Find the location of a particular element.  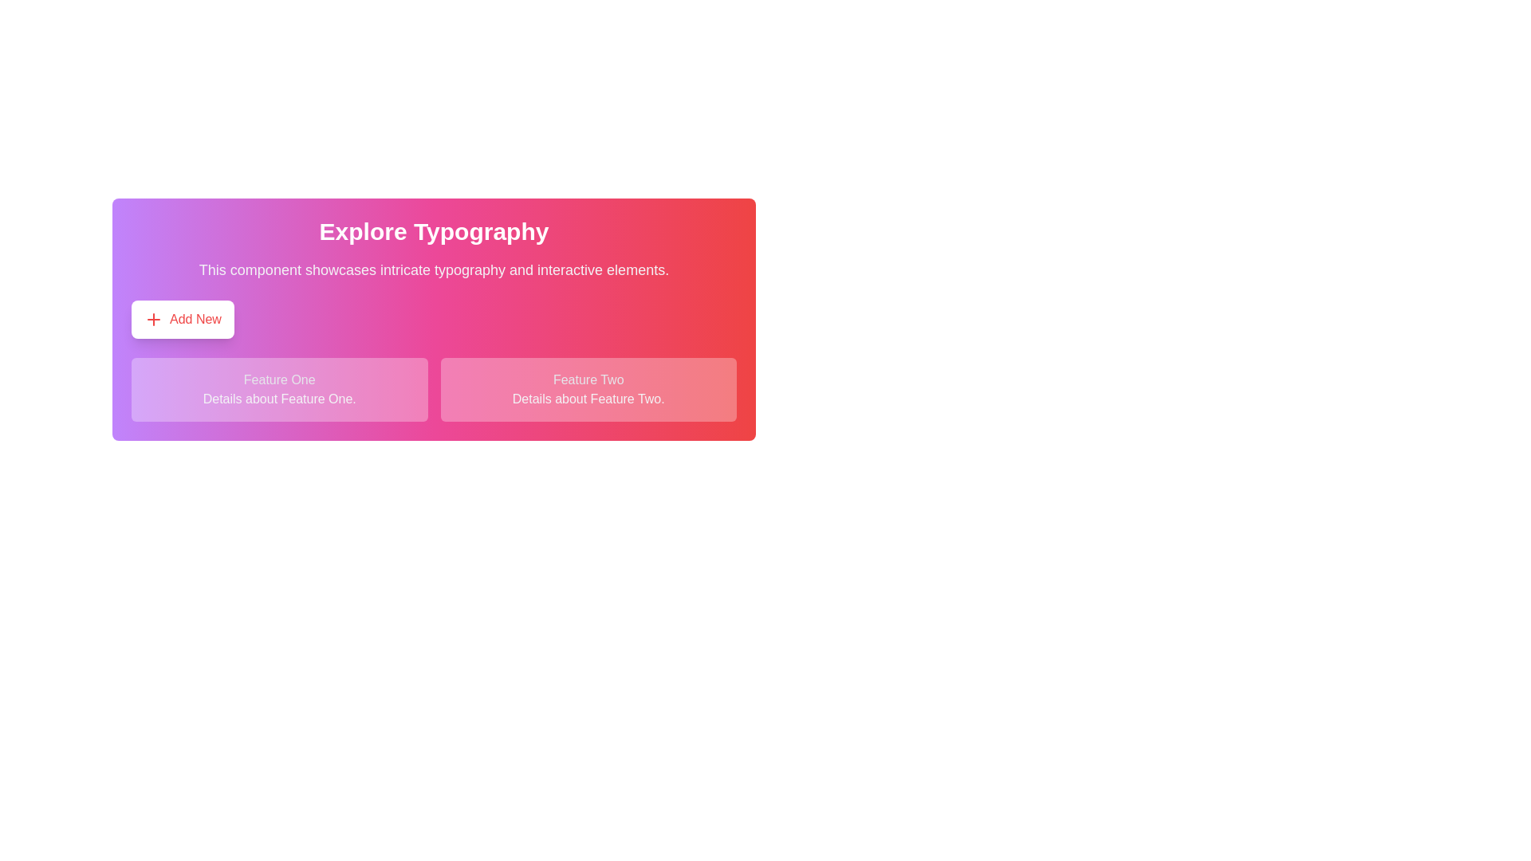

the 'Add New' text label which indicates the functionality of the containing button, positioned at the center-right of the button element is located at coordinates (195, 320).